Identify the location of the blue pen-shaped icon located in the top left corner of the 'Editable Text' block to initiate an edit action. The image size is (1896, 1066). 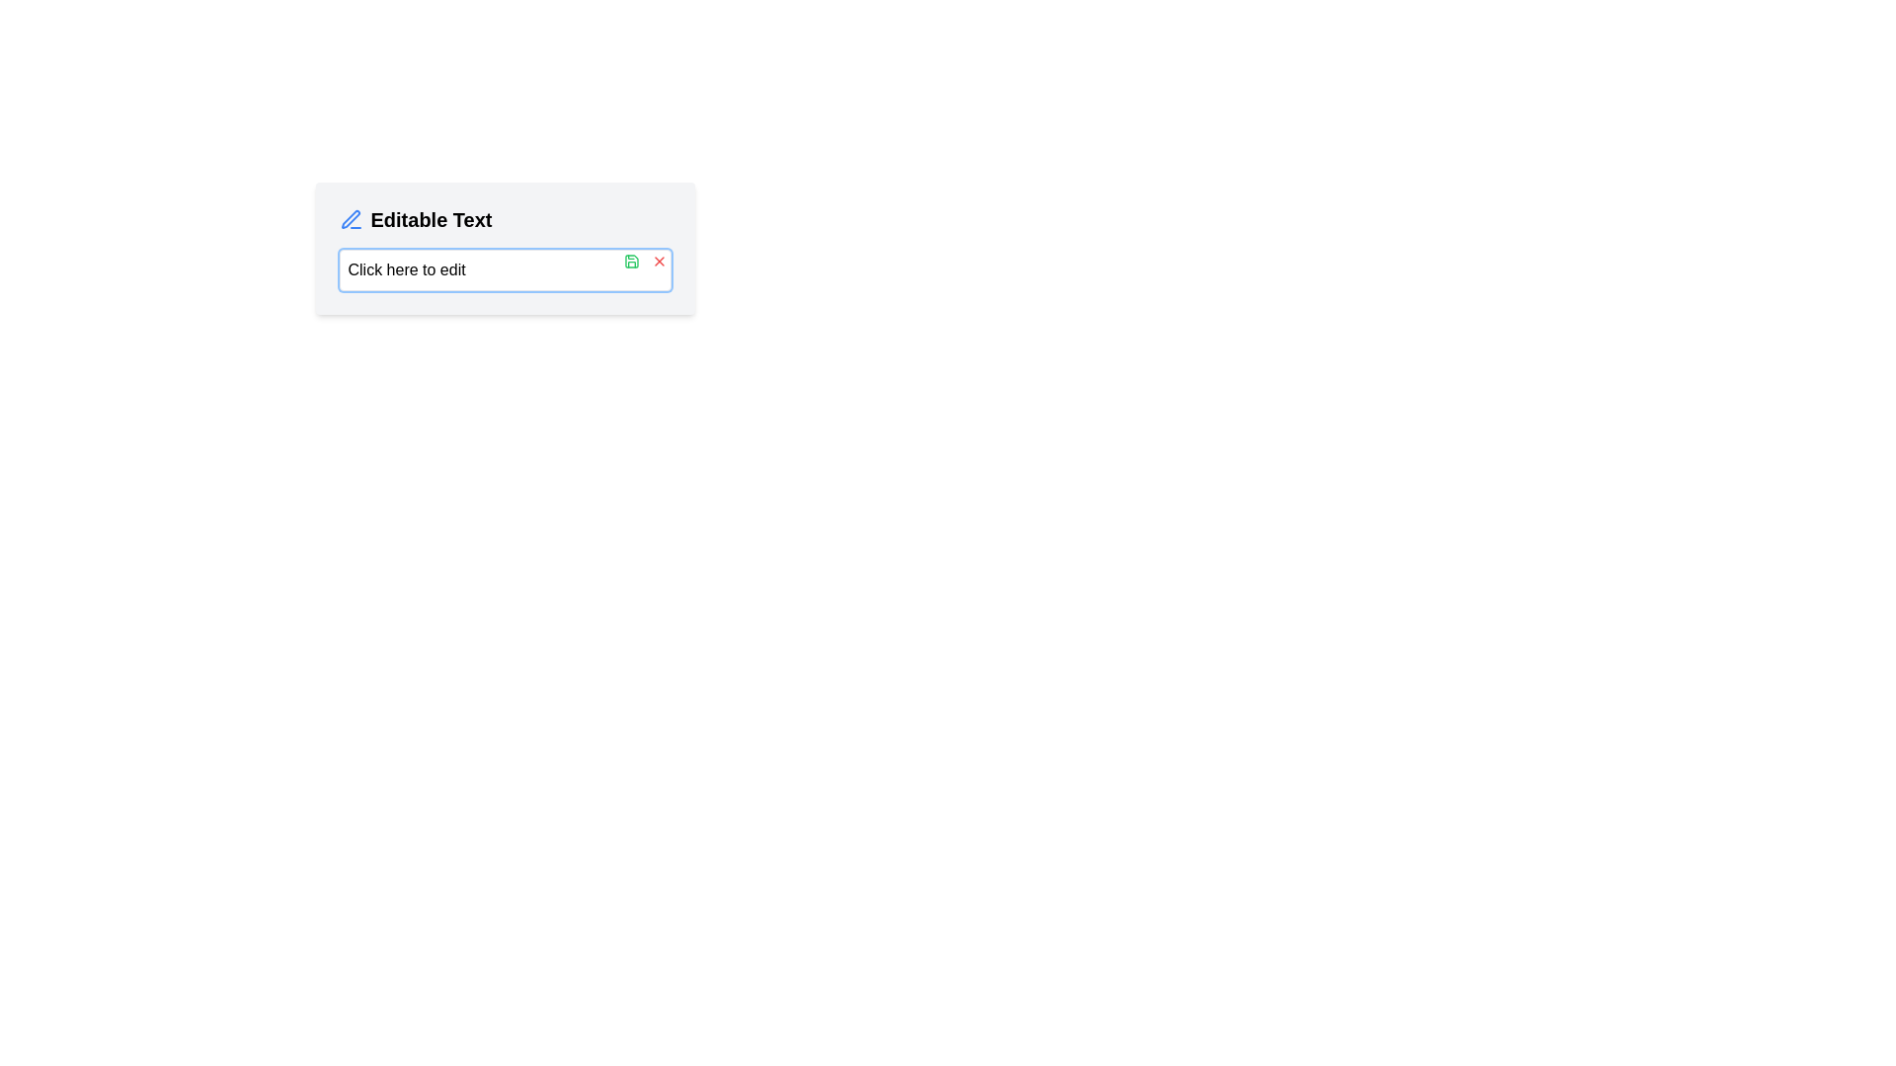
(351, 220).